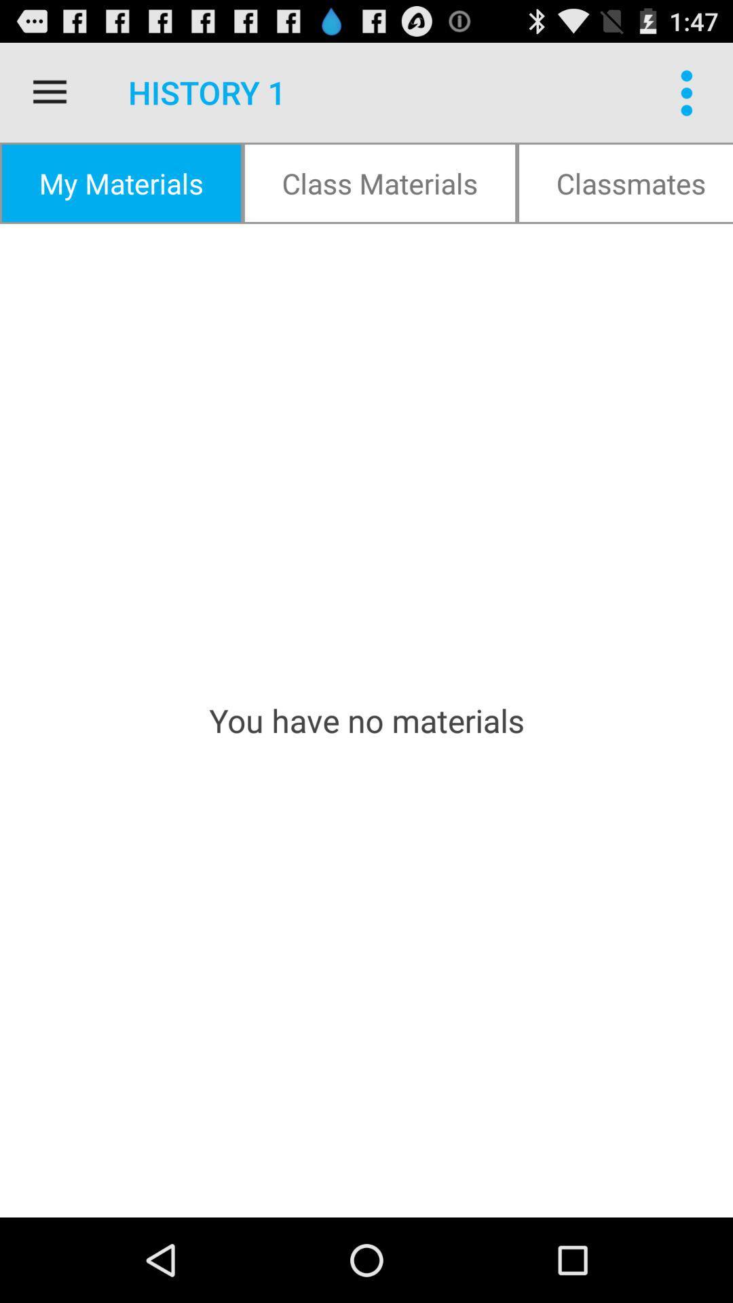 The width and height of the screenshot is (733, 1303). What do you see at coordinates (625, 182) in the screenshot?
I see `the item above the you have no` at bounding box center [625, 182].